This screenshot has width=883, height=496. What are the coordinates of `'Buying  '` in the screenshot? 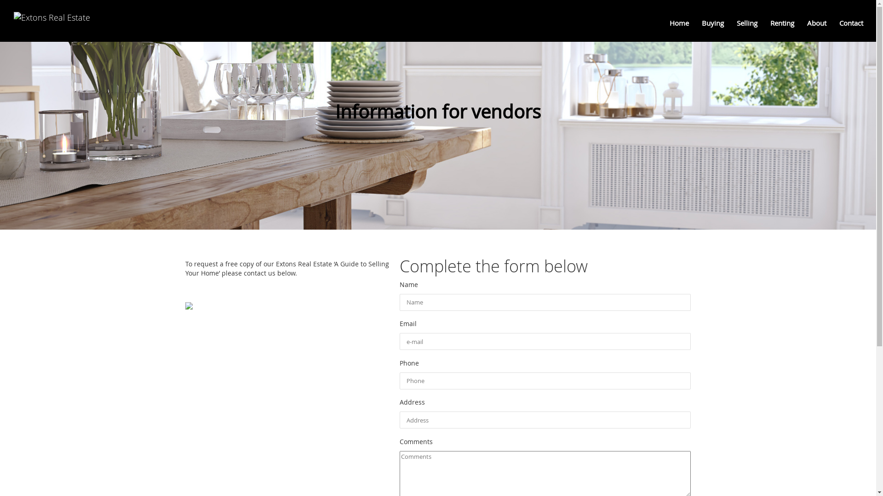 It's located at (714, 25).